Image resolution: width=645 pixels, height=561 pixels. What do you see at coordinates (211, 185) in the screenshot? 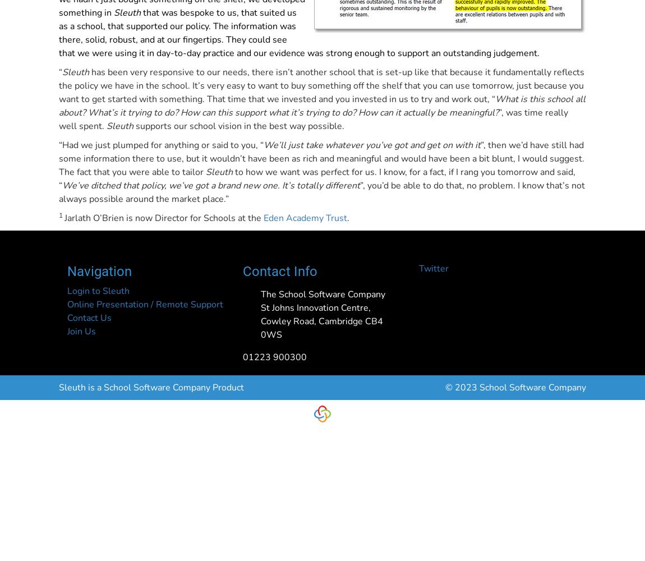
I see `'We’ve ditched that policy, we’ve got a brand new one. It’s totally different'` at bounding box center [211, 185].